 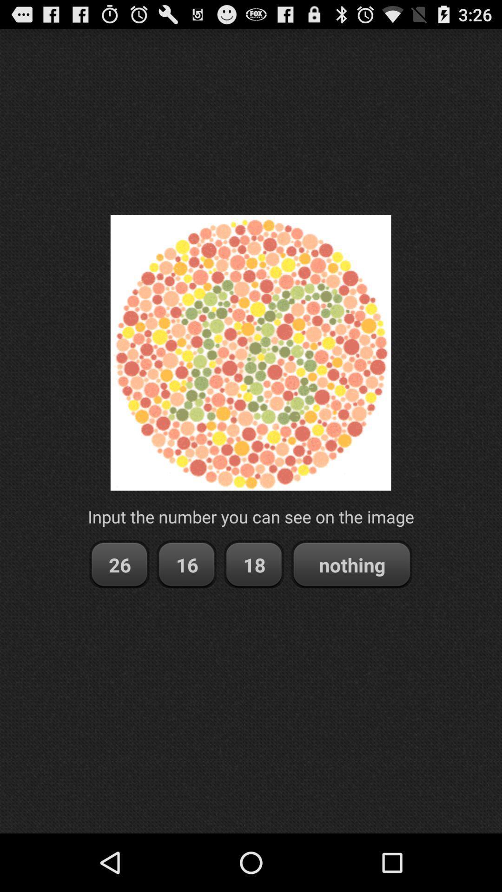 What do you see at coordinates (119, 564) in the screenshot?
I see `item next to the 16` at bounding box center [119, 564].